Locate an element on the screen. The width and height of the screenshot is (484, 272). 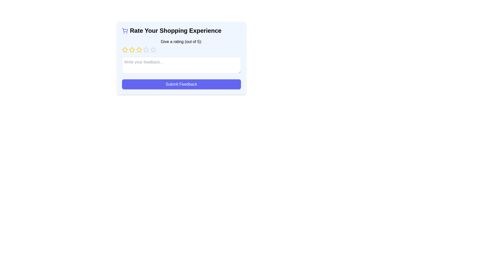
the shopping theme decorative icon located to the utmost left of the text 'Rate Your Shopping Experience' is located at coordinates (125, 31).